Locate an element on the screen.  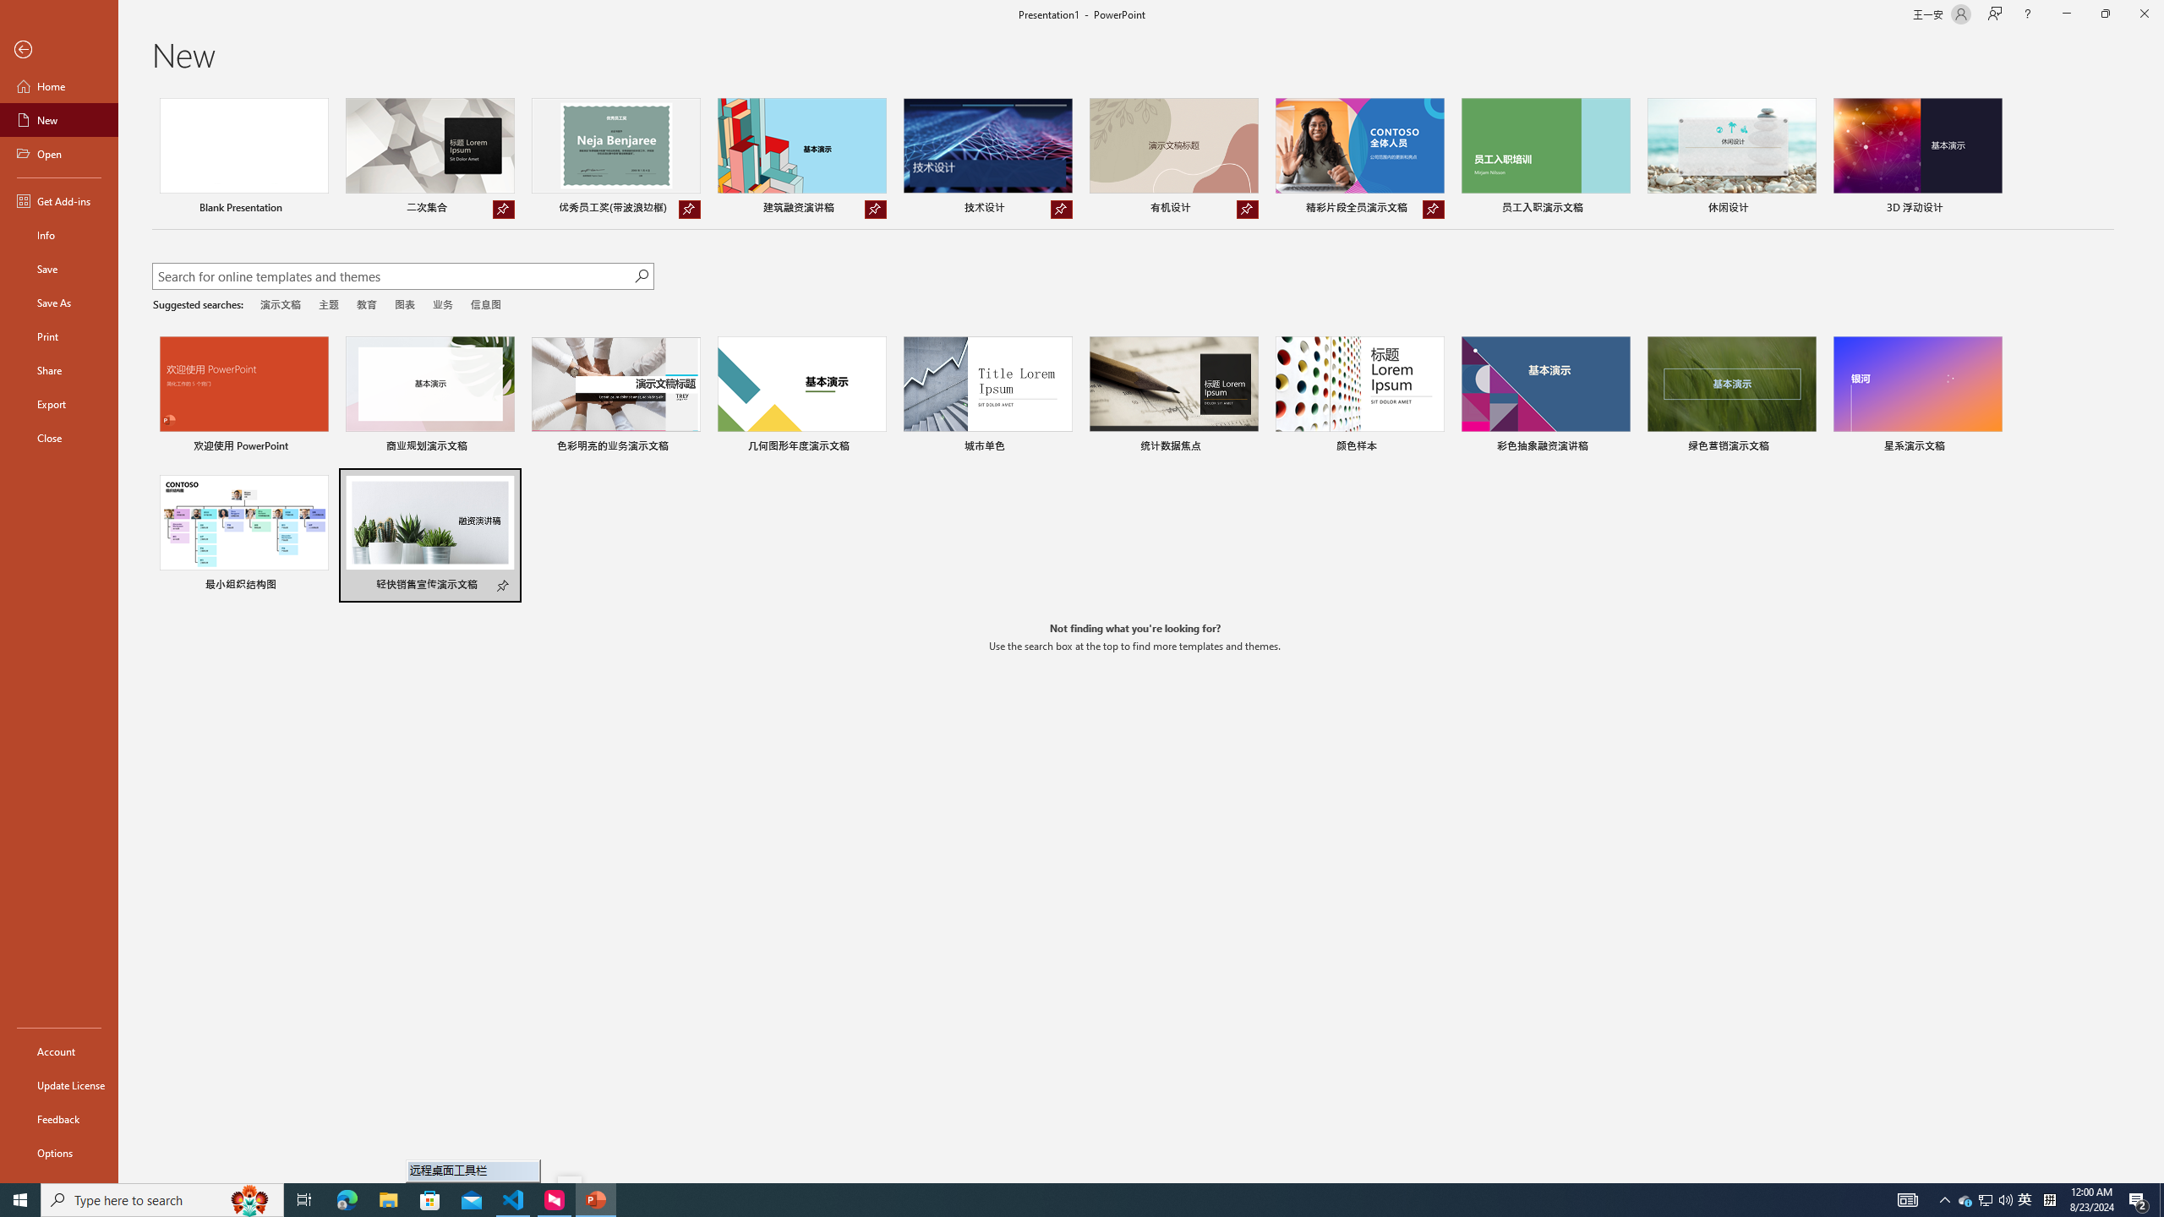
'Search for online templates and themes' is located at coordinates (392, 278).